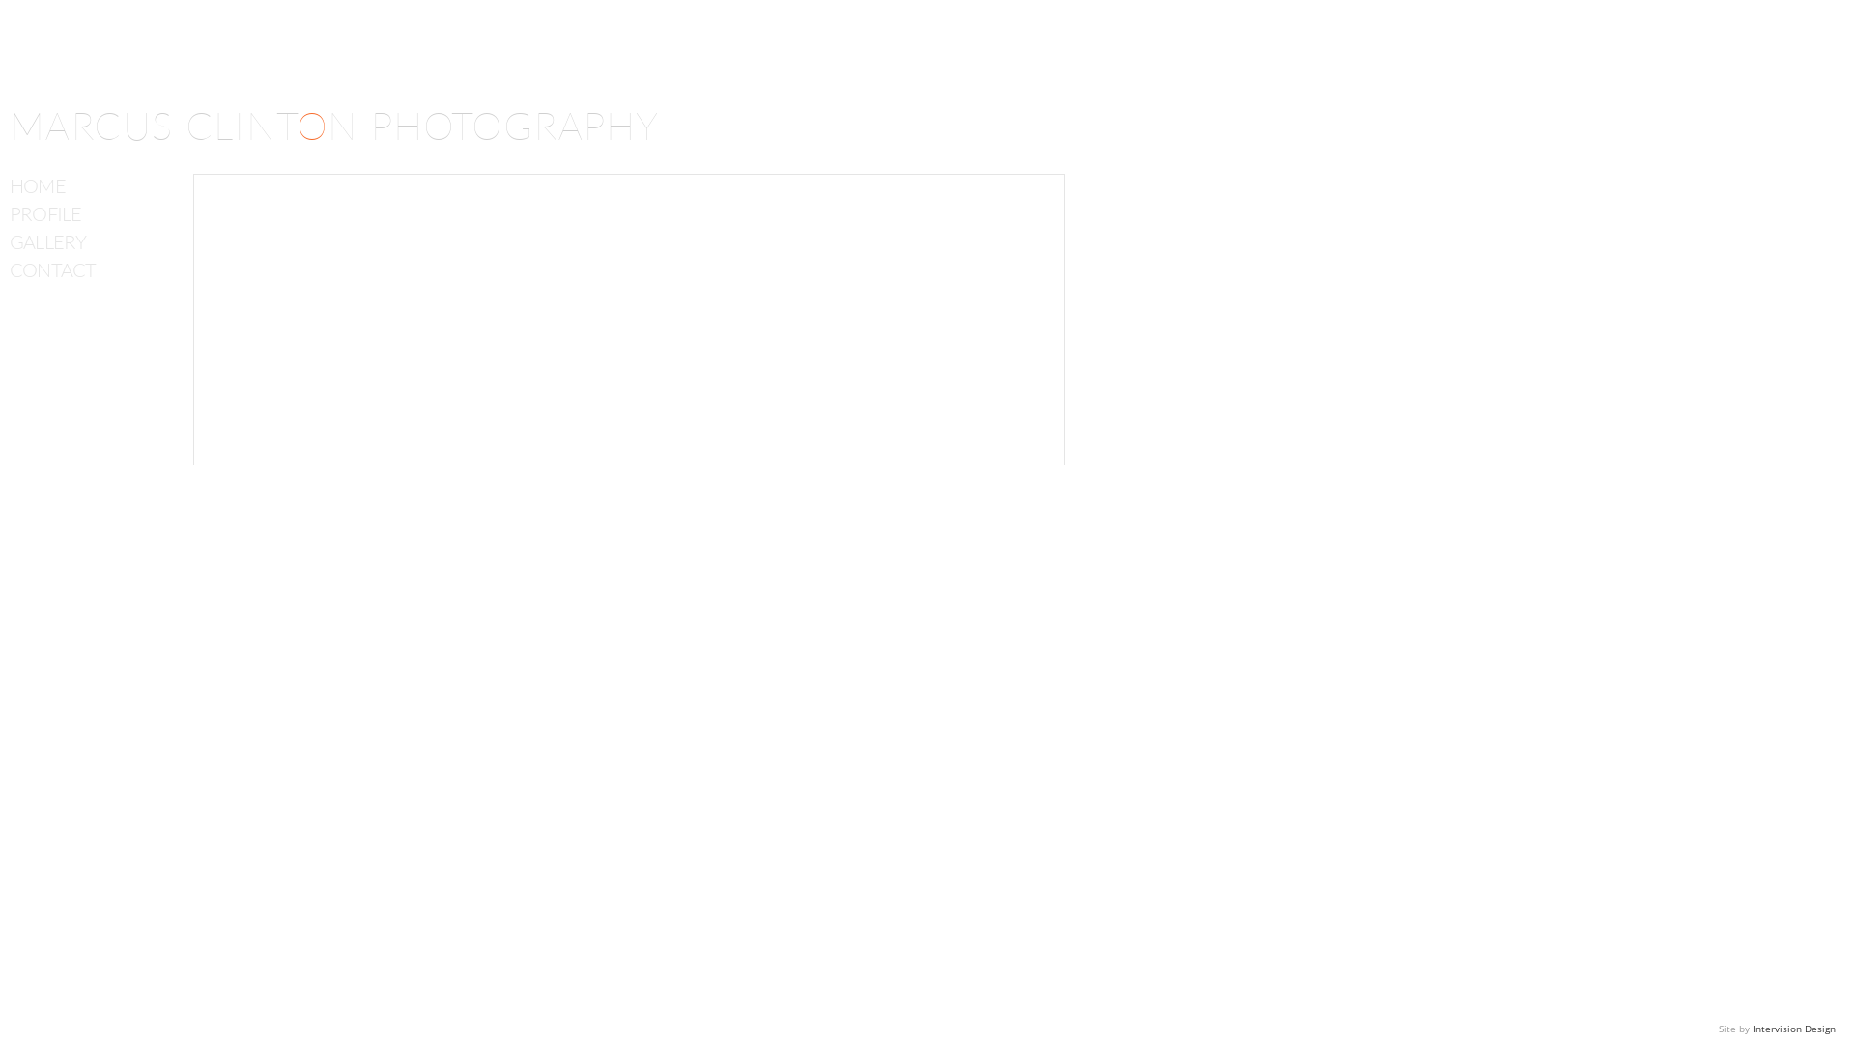  I want to click on 'CONTACT', so click(96, 270).